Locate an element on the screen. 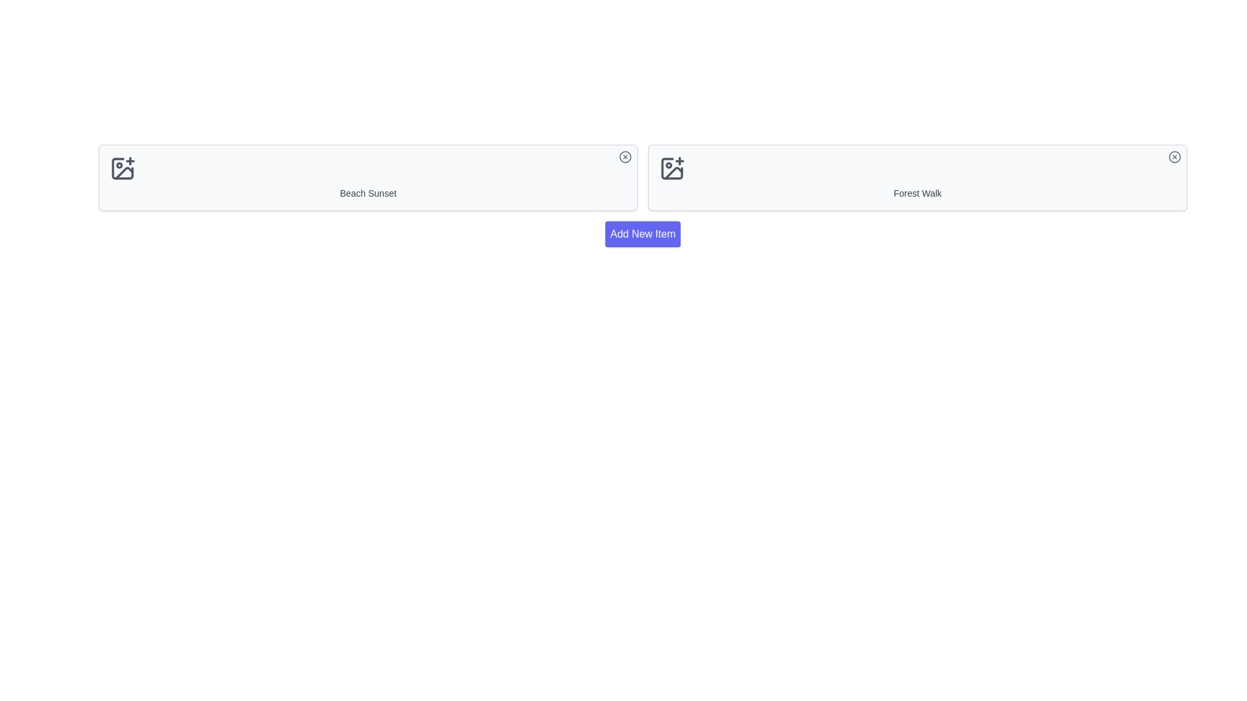 The width and height of the screenshot is (1247, 701). the close button located in the upper-right corner of the 'Forest Walk' card is located at coordinates (1175, 156).